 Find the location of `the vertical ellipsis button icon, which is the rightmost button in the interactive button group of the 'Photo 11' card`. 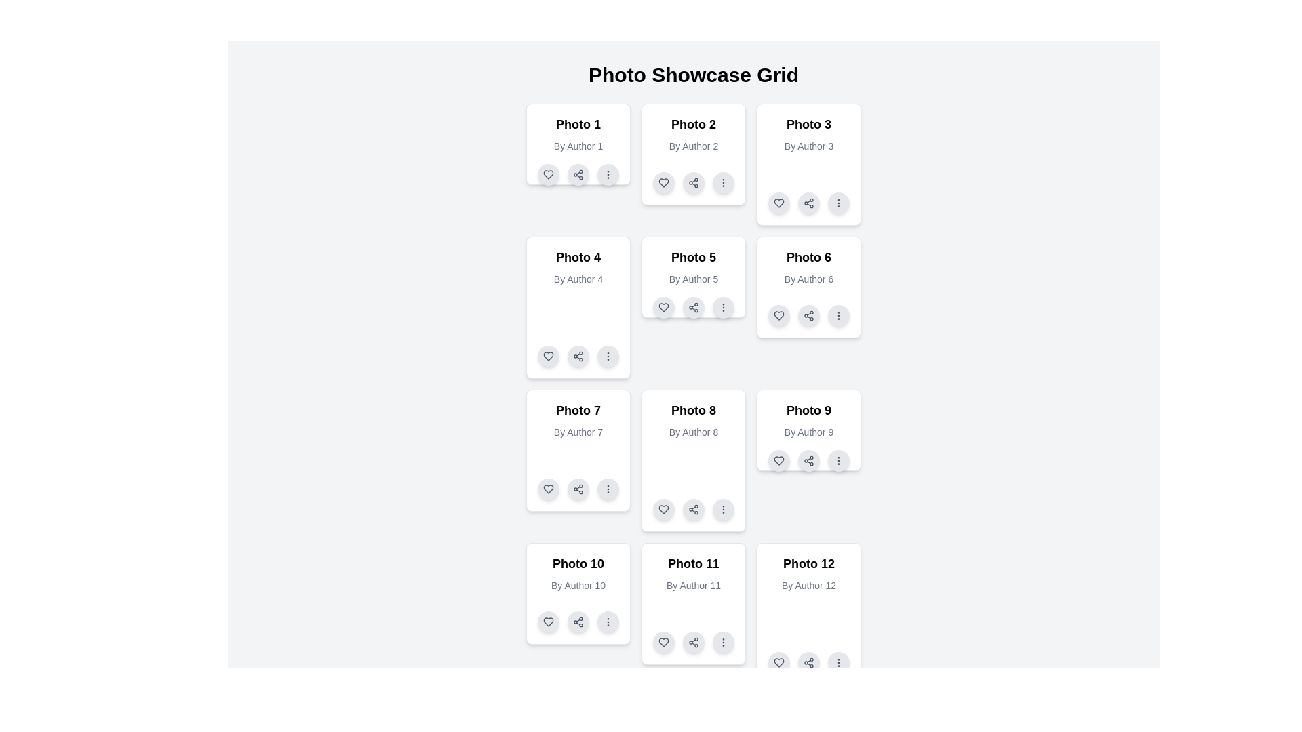

the vertical ellipsis button icon, which is the rightmost button in the interactive button group of the 'Photo 11' card is located at coordinates (722, 642).